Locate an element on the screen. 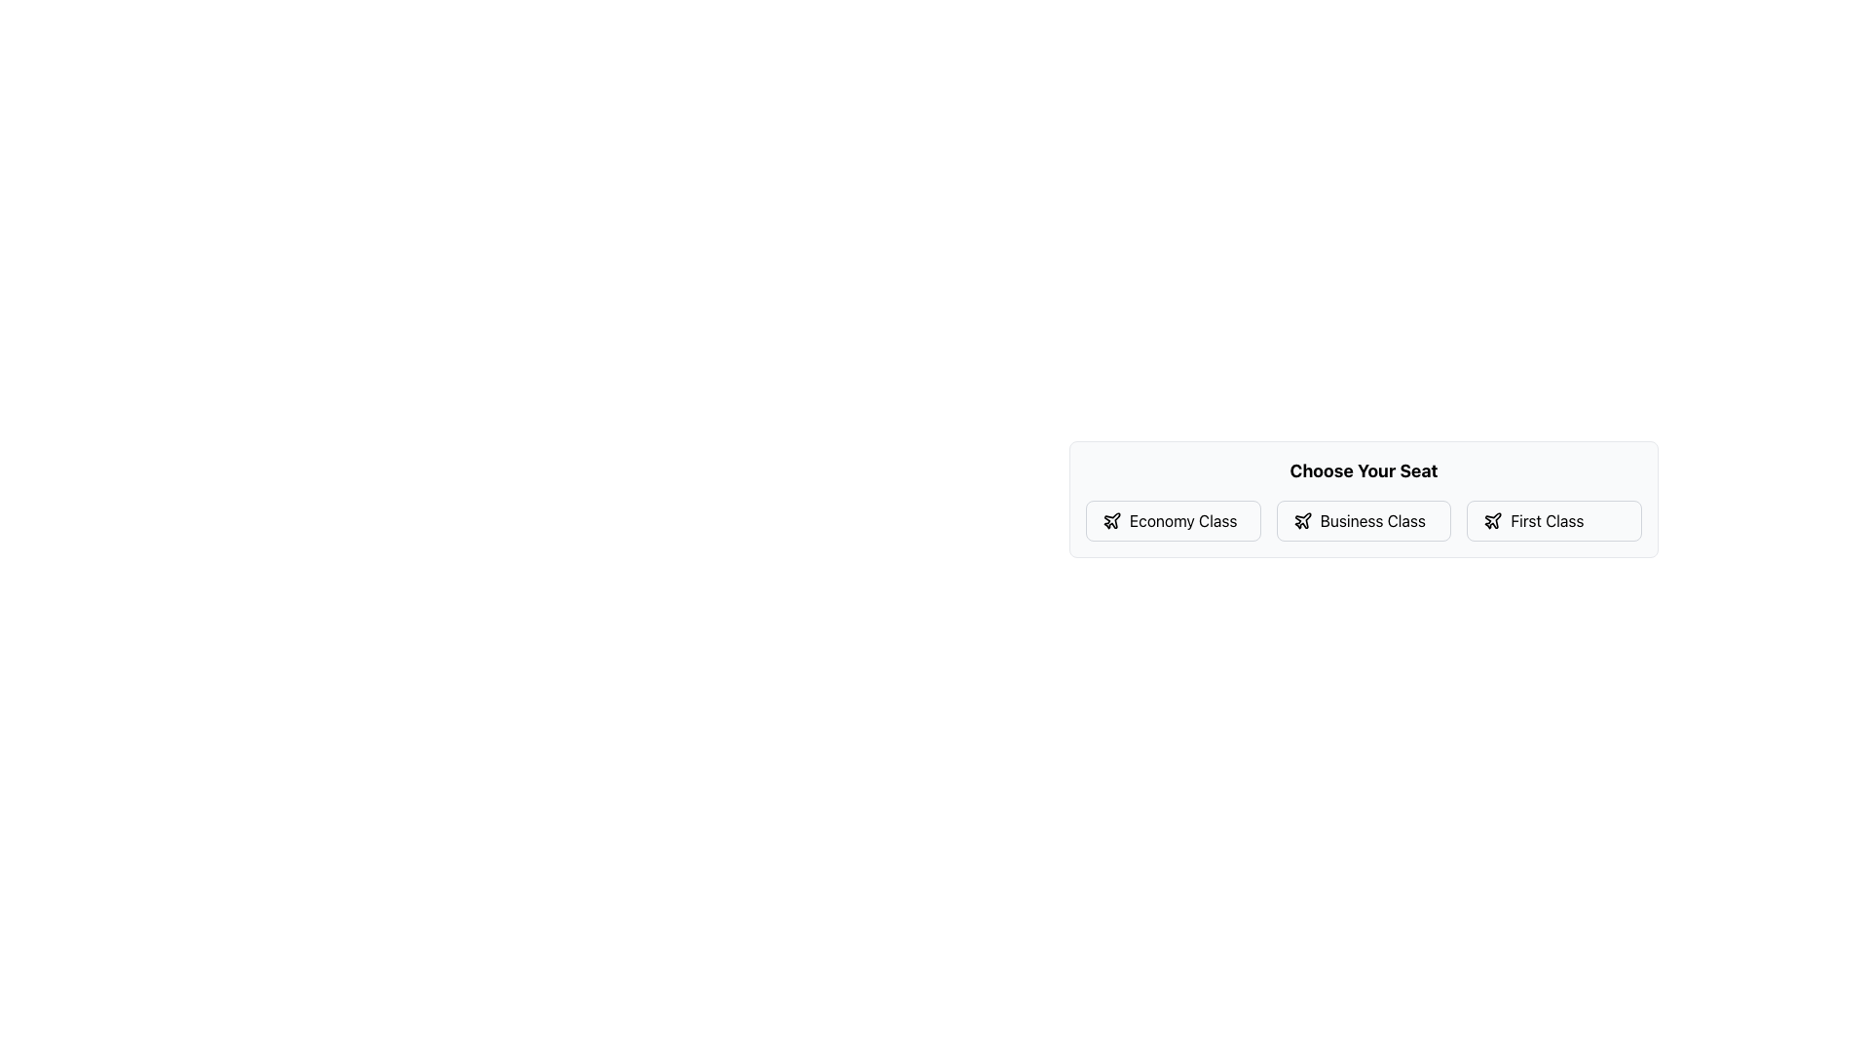  the airplane icon located in the 'Business Class' button under the 'Choose Your Seat' section is located at coordinates (1302, 519).